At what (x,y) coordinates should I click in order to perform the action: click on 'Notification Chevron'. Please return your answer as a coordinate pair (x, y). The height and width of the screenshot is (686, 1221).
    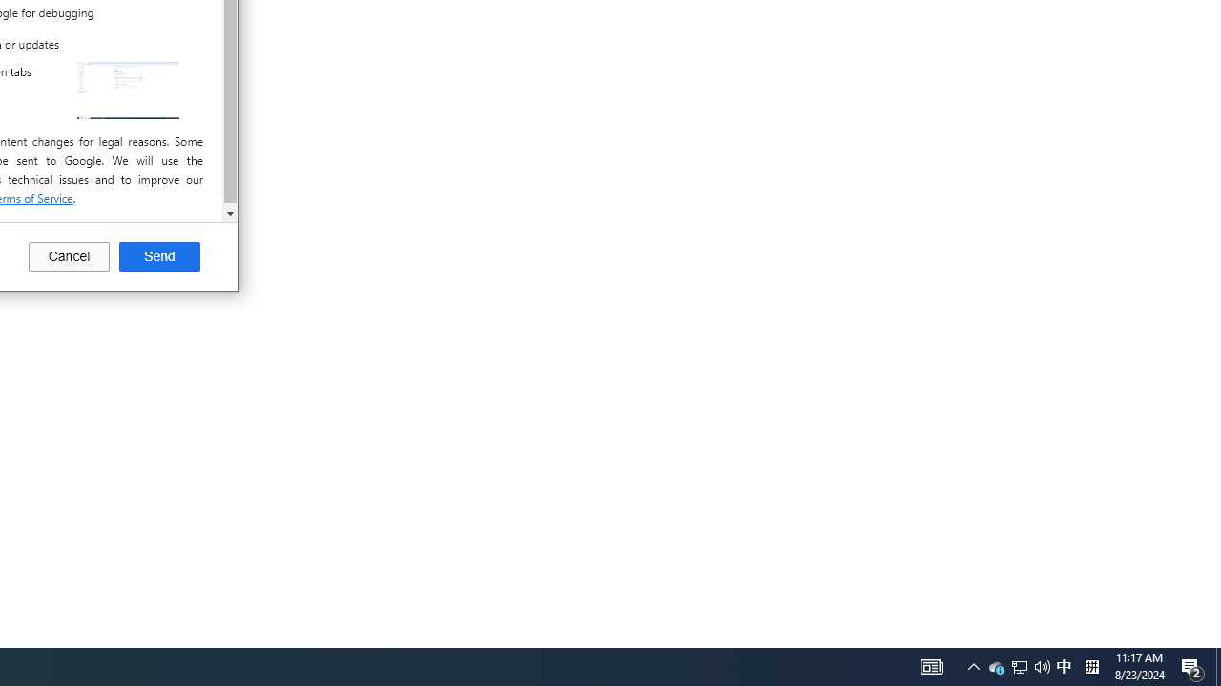
    Looking at the image, I should click on (1019, 665).